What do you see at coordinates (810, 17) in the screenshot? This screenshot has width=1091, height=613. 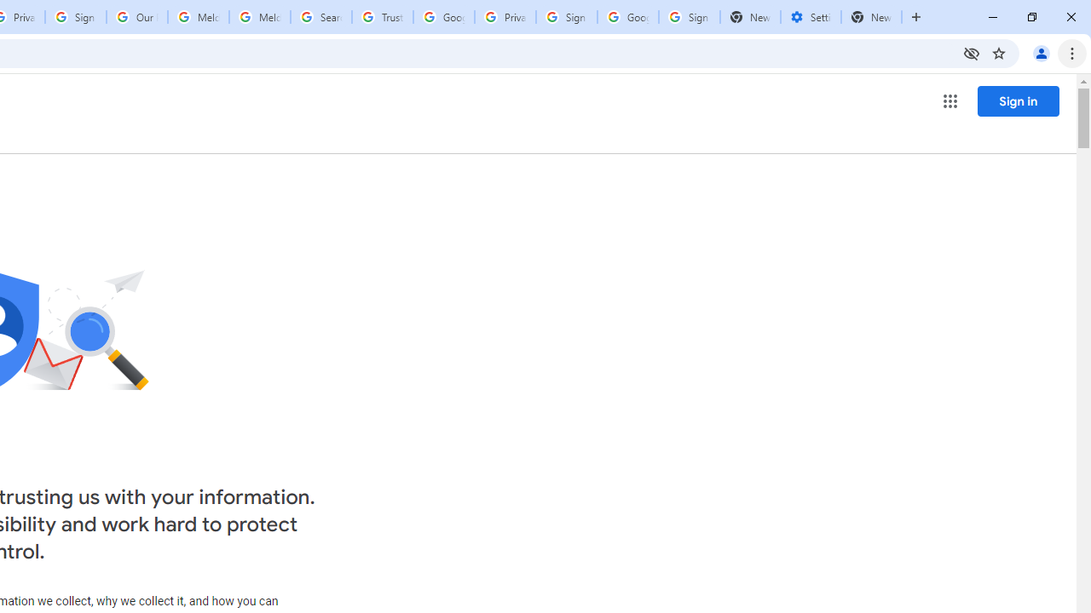 I see `'Settings - Addresses and more'` at bounding box center [810, 17].